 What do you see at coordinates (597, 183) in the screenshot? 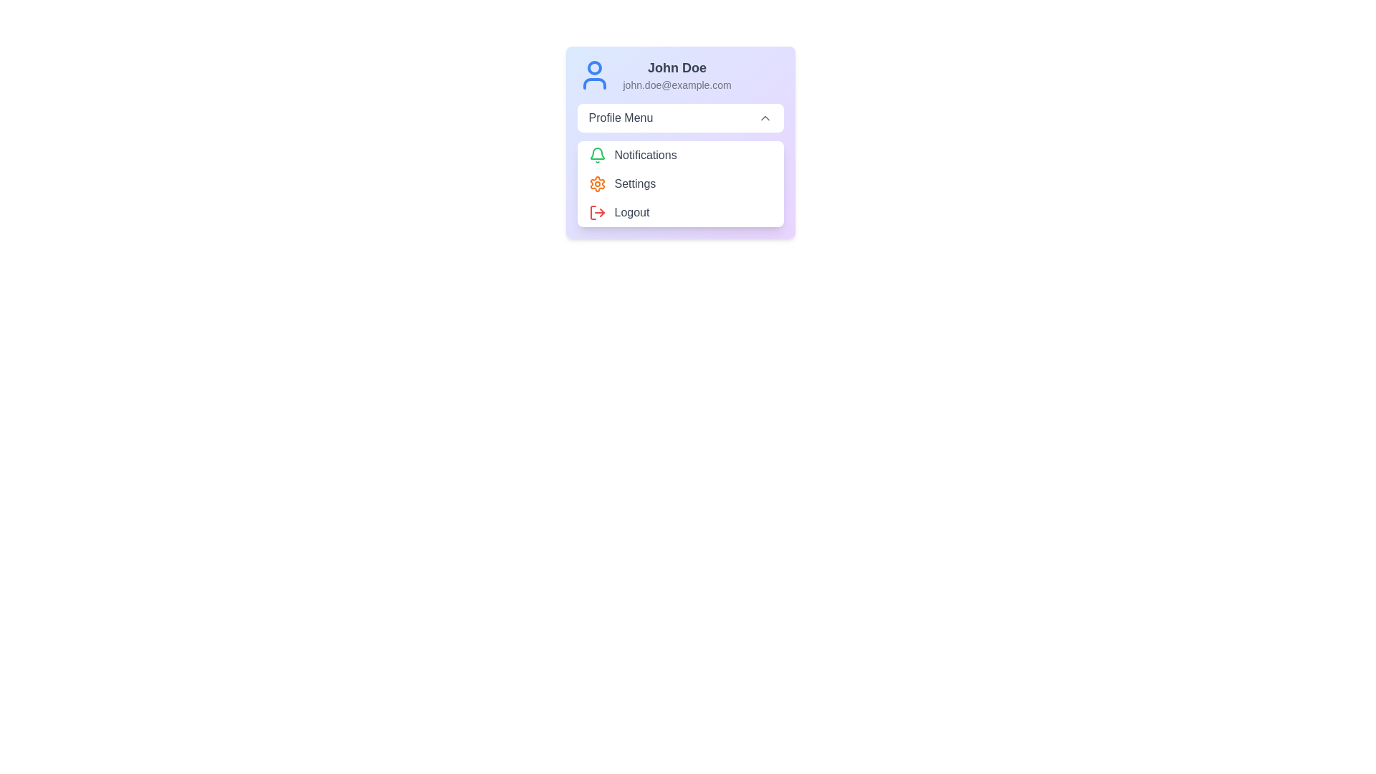
I see `the settings icon located in the dropdown menu of the profile card, positioned between the 'Notifications' bell icon and the 'Logout' arrow icon` at bounding box center [597, 183].